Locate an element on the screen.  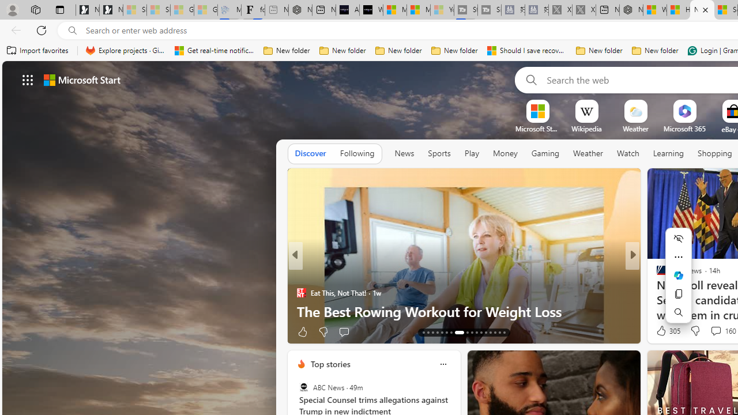
'AutomationID: tab-17' is located at coordinates (441, 333).